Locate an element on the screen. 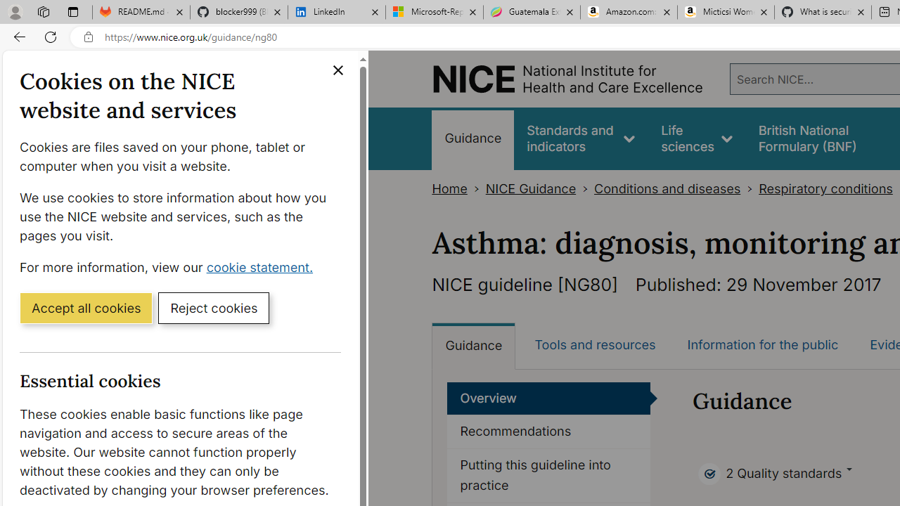 This screenshot has width=900, height=506. 'Overview' is located at coordinates (548, 398).